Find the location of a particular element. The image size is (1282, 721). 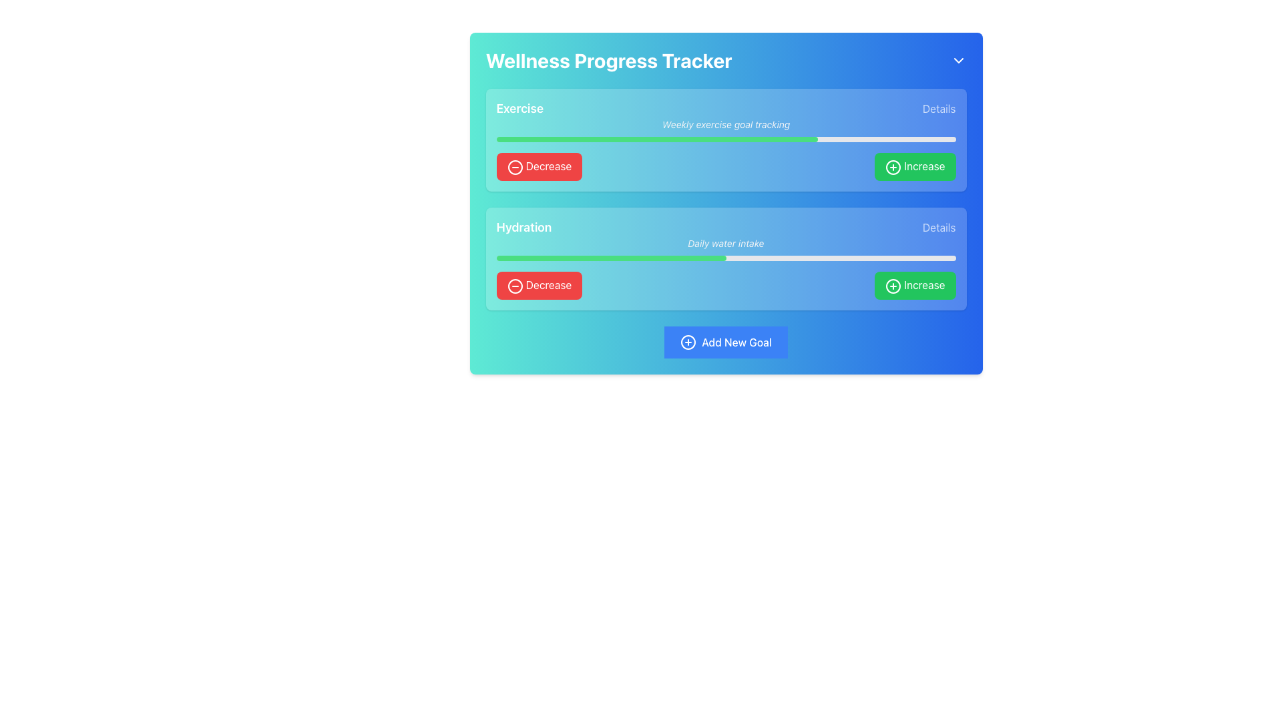

the visual icon inside the 'Increase' button, which is positioned to the right of the progress bar for 'Exercise' is located at coordinates (893, 166).